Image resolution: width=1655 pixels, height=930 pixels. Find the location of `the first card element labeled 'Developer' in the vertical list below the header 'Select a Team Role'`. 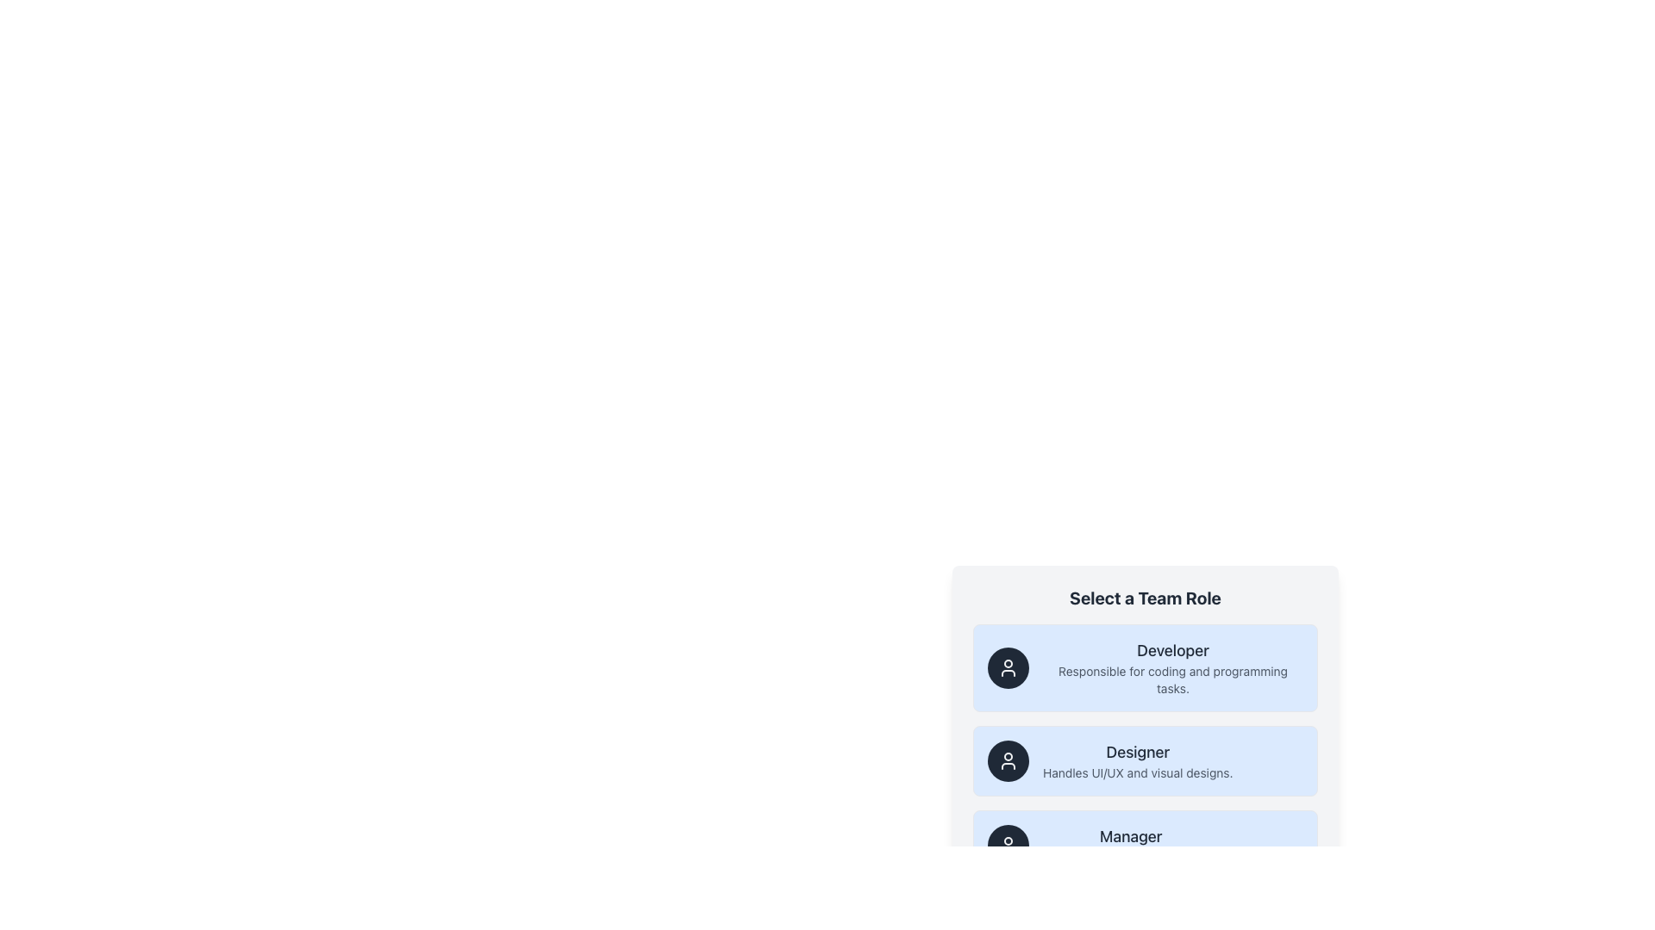

the first card element labeled 'Developer' in the vertical list below the header 'Select a Team Role' is located at coordinates (1146, 666).